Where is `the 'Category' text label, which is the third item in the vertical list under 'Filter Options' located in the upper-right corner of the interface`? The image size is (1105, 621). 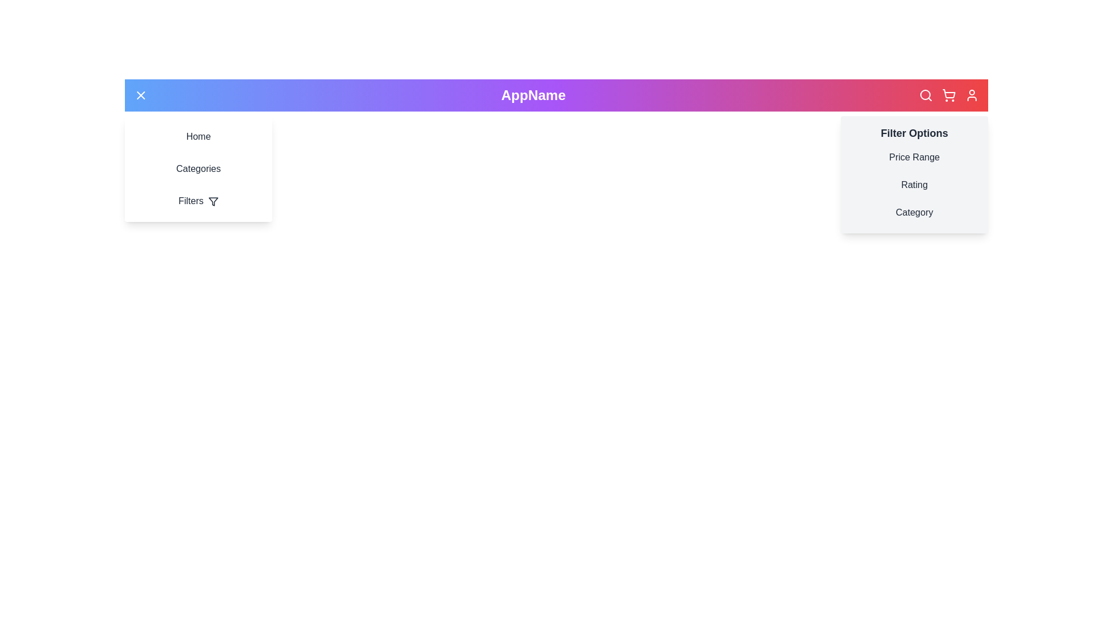
the 'Category' text label, which is the third item in the vertical list under 'Filter Options' located in the upper-right corner of the interface is located at coordinates (913, 213).